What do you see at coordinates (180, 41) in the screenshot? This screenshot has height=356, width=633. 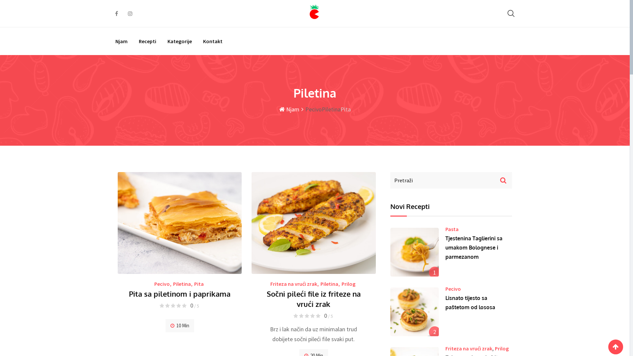 I see `'Kategorije'` at bounding box center [180, 41].